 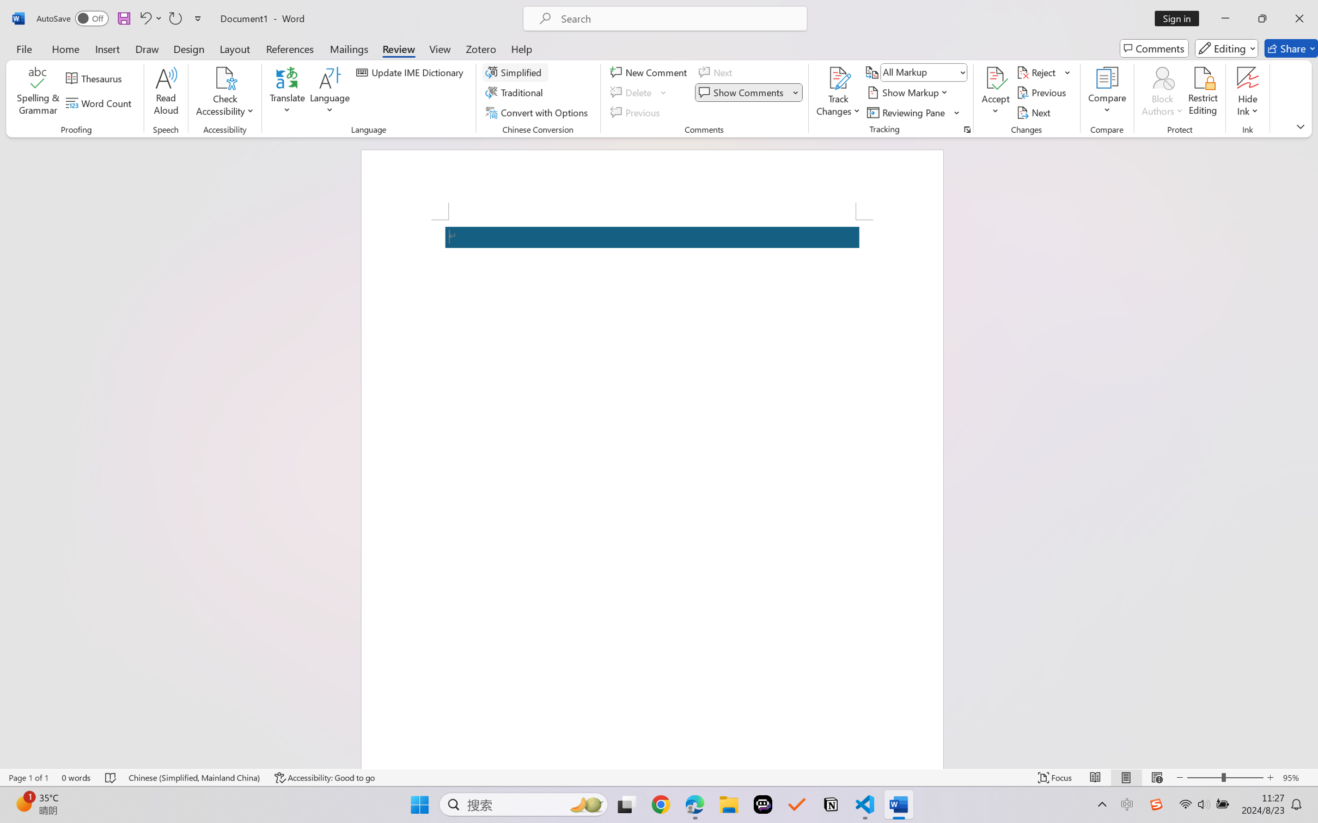 What do you see at coordinates (838, 78) in the screenshot?
I see `'Track Changes'` at bounding box center [838, 78].